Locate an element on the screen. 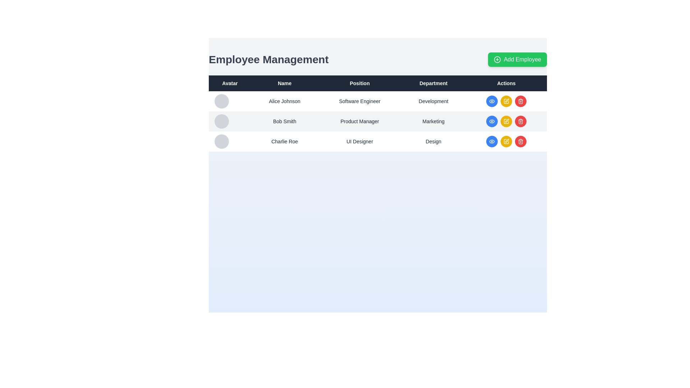  the deletion button located on the rightmost side of a row within the 'Actions' column of the table to observe any hover effects is located at coordinates (521, 101).